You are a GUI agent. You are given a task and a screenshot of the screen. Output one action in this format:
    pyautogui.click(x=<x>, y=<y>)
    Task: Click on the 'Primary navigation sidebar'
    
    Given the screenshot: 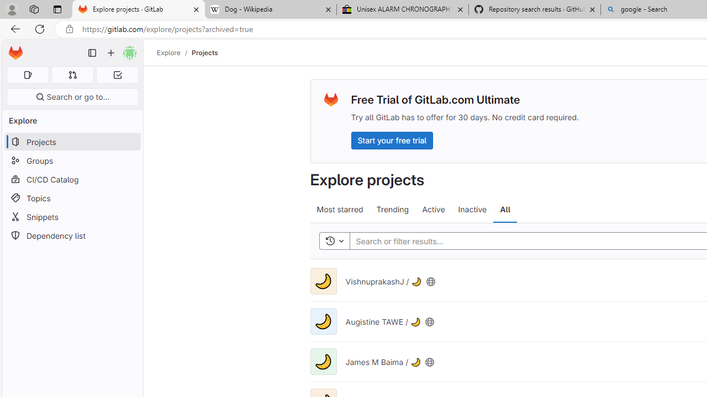 What is the action you would take?
    pyautogui.click(x=92, y=53)
    